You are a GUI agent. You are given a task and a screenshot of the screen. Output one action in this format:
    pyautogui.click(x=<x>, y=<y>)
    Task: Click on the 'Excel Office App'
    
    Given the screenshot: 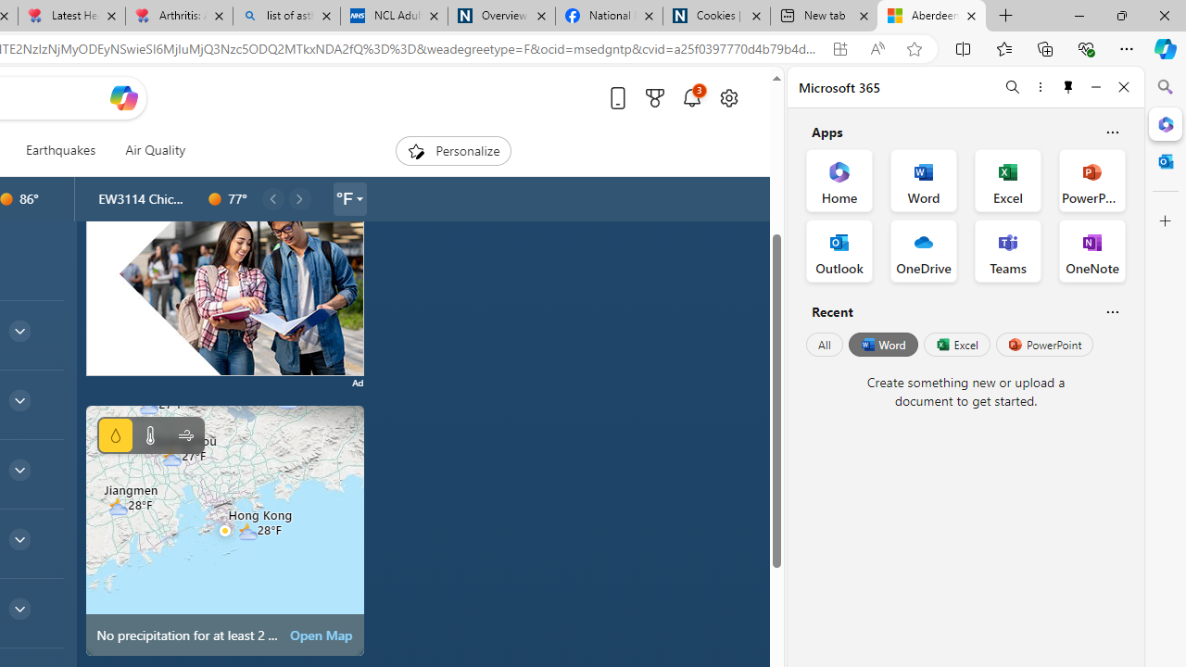 What is the action you would take?
    pyautogui.click(x=1007, y=181)
    